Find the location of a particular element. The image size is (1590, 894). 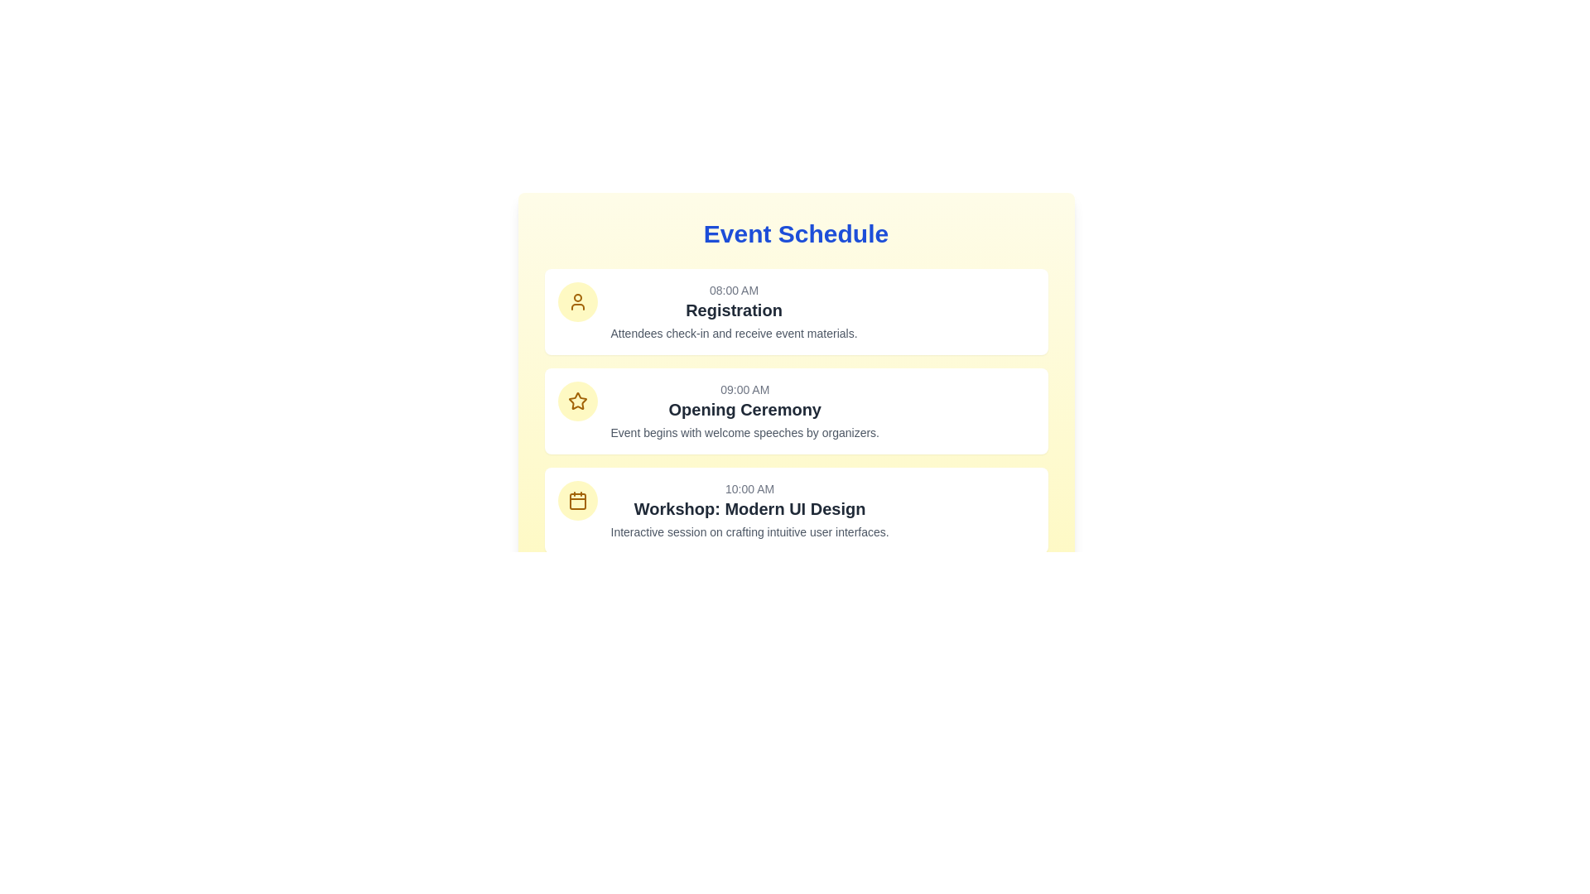

the calendar icon representing the 'Workshop: Modern UI Design' session located in the bottommost entry of the 'Event Schedule' section is located at coordinates (577, 500).